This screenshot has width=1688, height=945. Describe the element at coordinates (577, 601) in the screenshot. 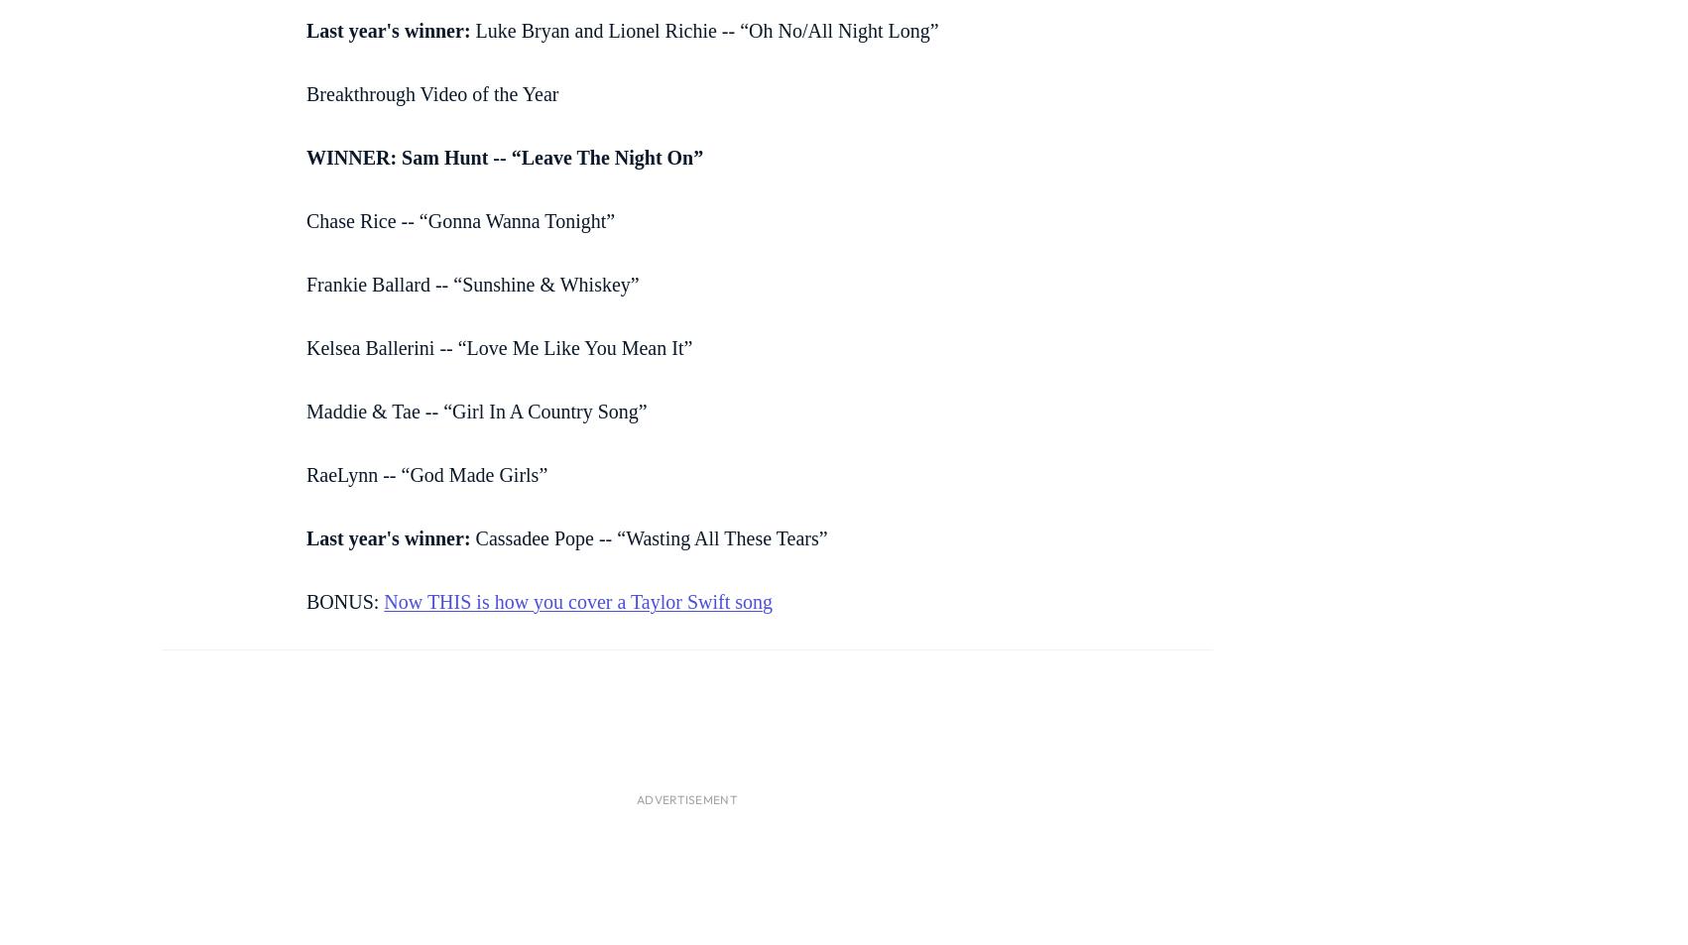

I see `'Now THIS is how you cover a Taylor Swift song'` at that location.